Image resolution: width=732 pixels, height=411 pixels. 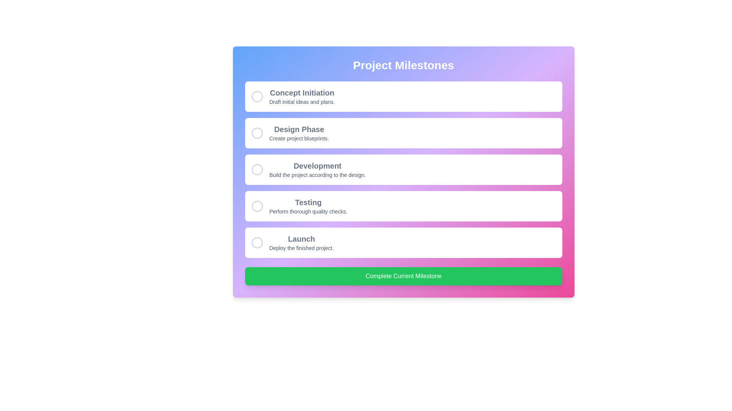 What do you see at coordinates (257, 242) in the screenshot?
I see `the circular icon with a thin gray border and a white interior located within the 'Launch' milestone section, positioned to the left of the milestone title` at bounding box center [257, 242].